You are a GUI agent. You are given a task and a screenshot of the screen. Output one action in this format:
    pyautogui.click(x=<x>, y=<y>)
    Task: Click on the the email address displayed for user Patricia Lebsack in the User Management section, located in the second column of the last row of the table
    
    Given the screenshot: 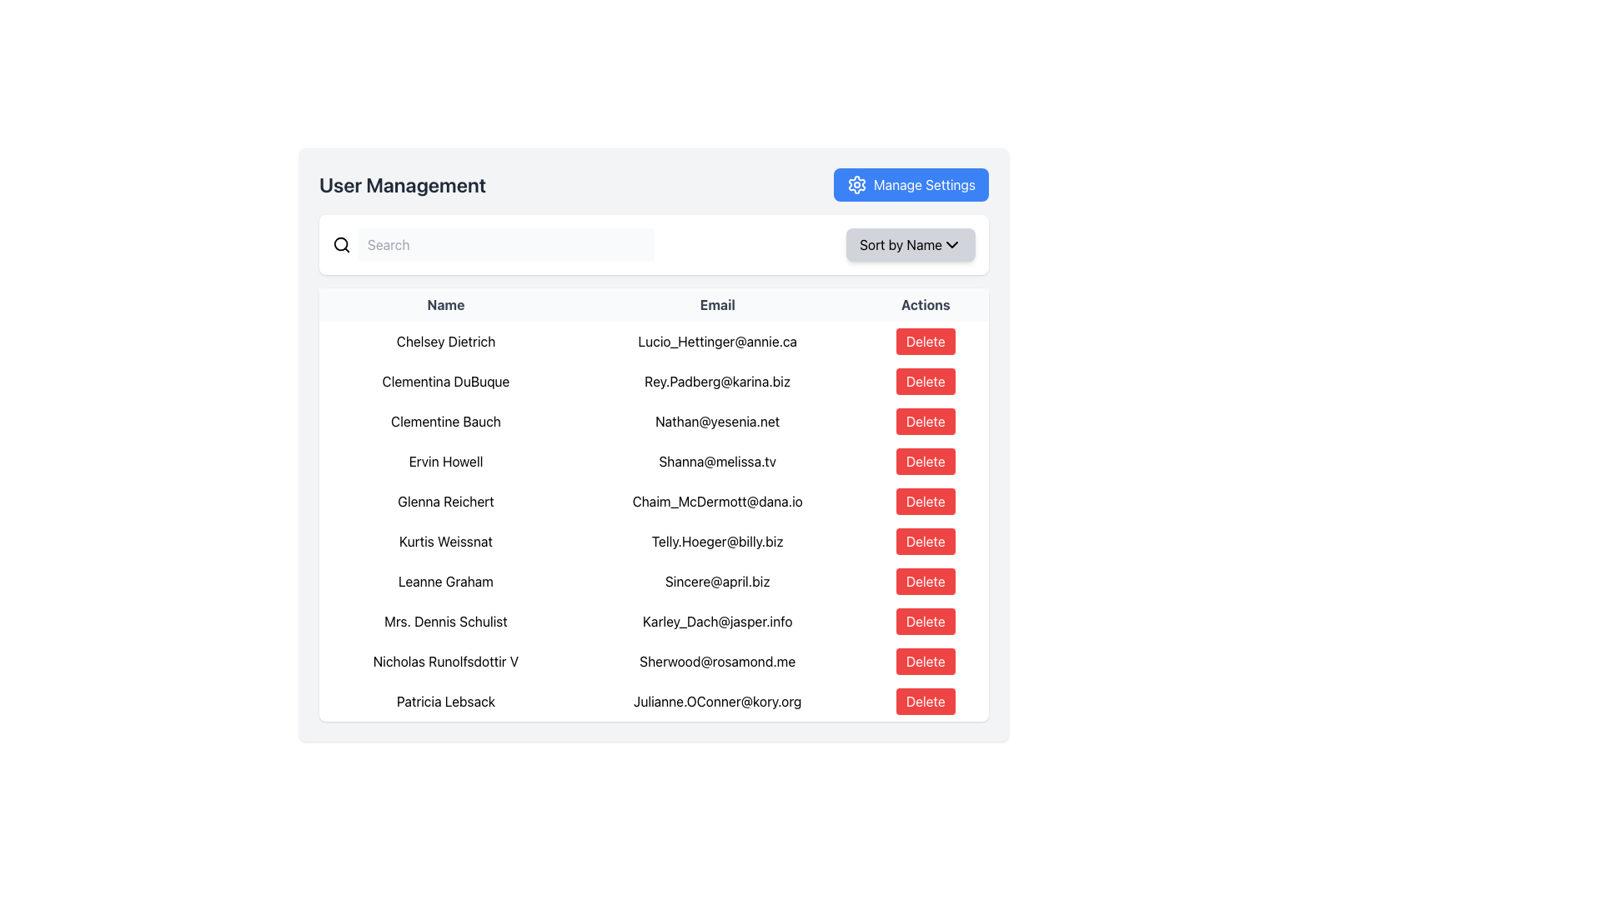 What is the action you would take?
    pyautogui.click(x=717, y=701)
    